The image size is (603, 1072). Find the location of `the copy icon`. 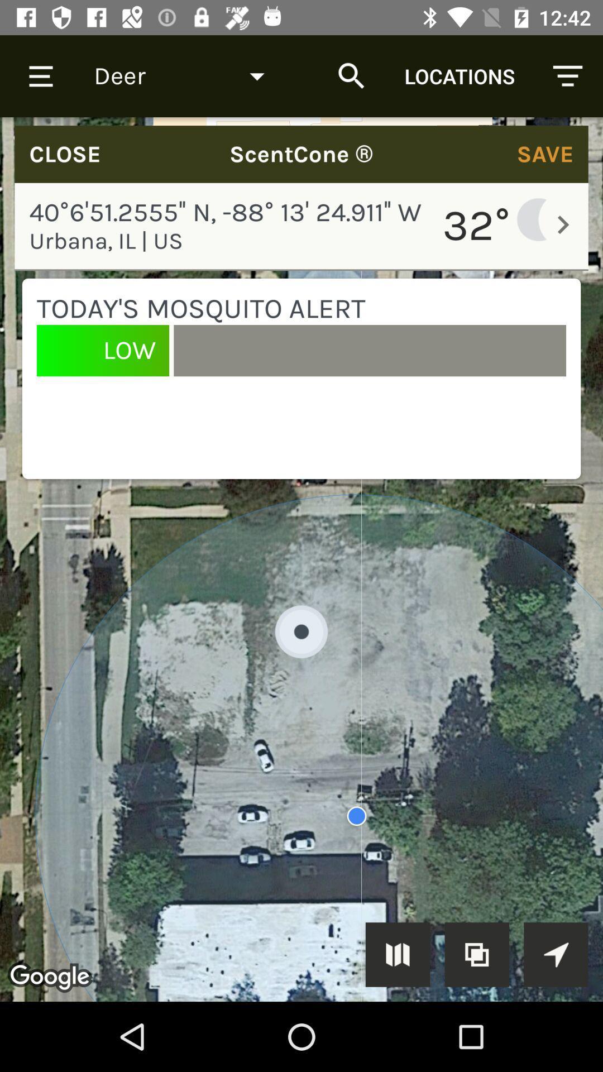

the copy icon is located at coordinates (477, 954).